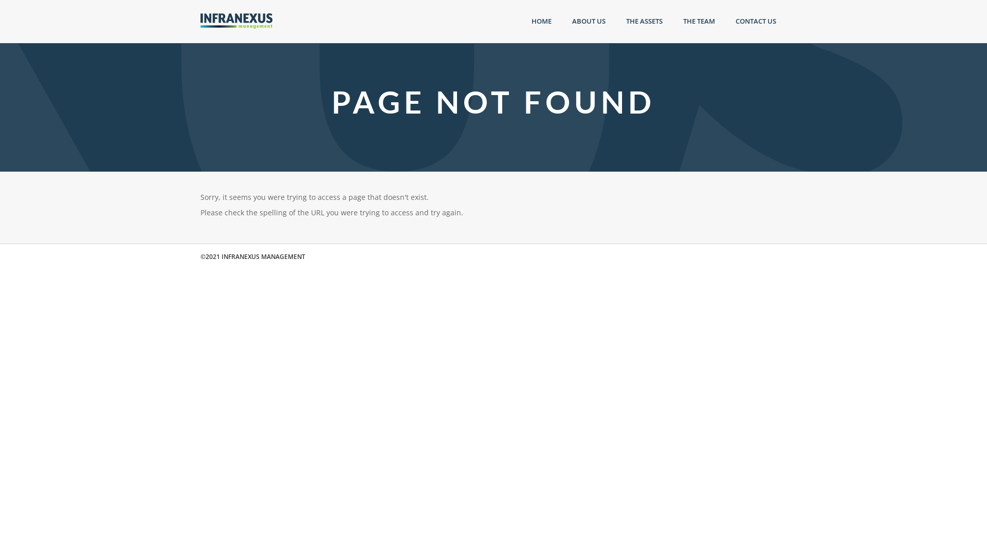  Describe the element at coordinates (589, 21) in the screenshot. I see `'ABOUT US'` at that location.